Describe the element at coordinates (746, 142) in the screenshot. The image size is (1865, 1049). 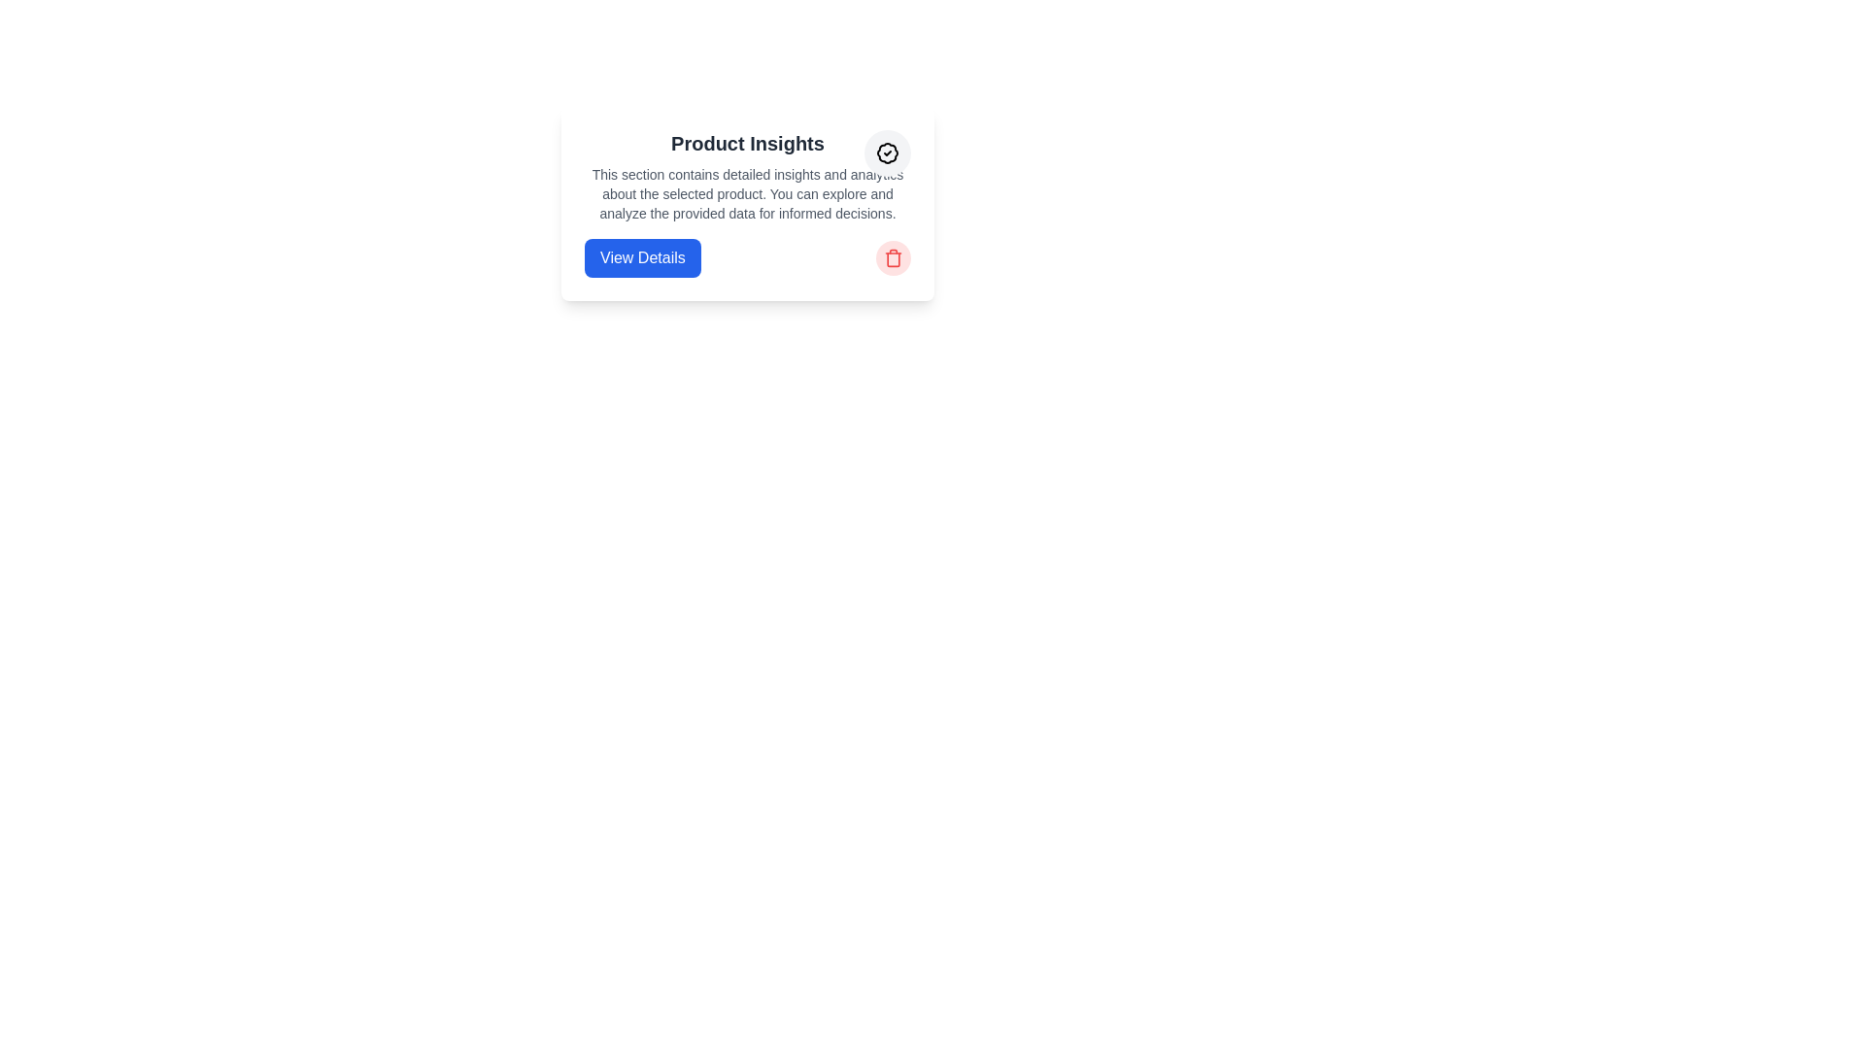
I see `the 'Product Insights' text label, which is a prominent header displayed in bold and large font at the top of a card component` at that location.